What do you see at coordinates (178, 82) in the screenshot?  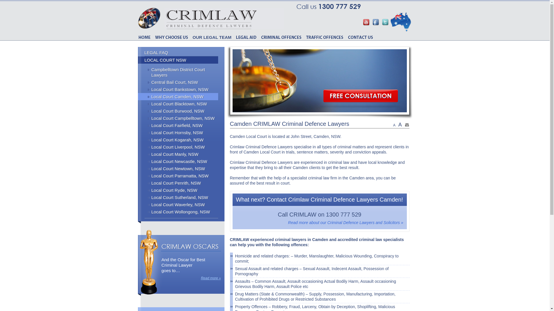 I see `'Central Bail Court, NSW'` at bounding box center [178, 82].